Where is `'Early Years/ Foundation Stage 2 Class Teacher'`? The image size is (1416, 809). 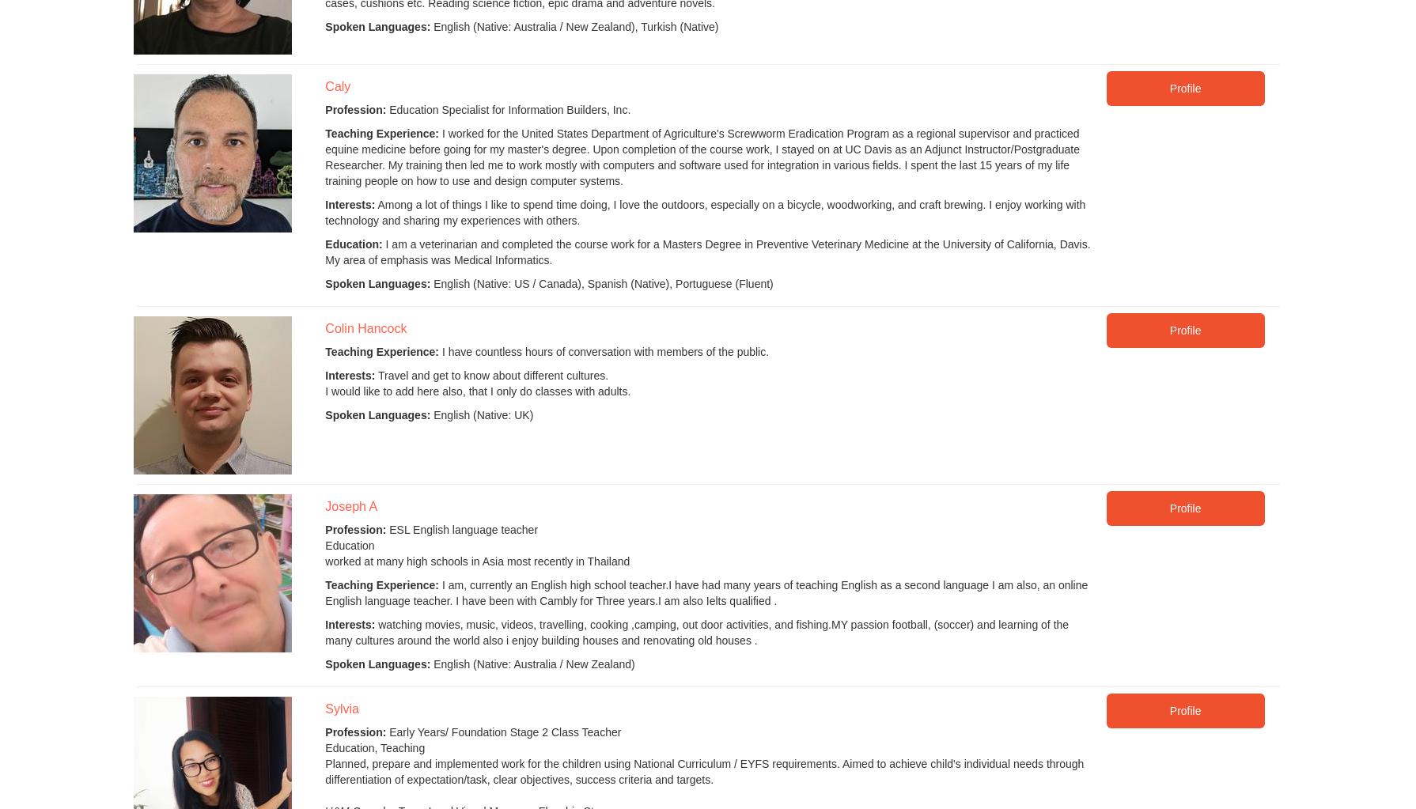 'Early Years/ Foundation Stage 2 Class Teacher' is located at coordinates (502, 732).